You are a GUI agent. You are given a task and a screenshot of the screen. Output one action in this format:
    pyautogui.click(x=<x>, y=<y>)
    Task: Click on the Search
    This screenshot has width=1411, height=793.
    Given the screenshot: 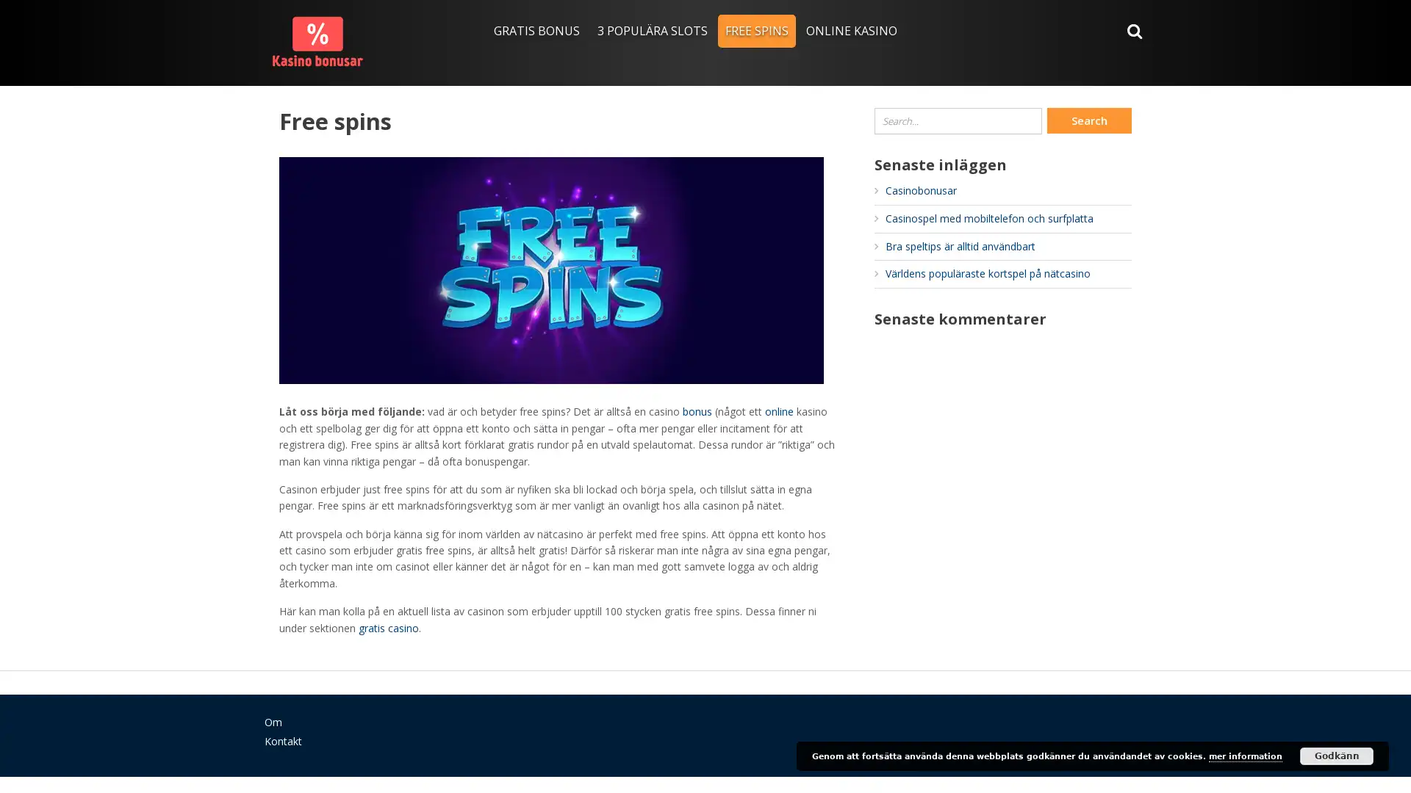 What is the action you would take?
    pyautogui.click(x=1089, y=120)
    